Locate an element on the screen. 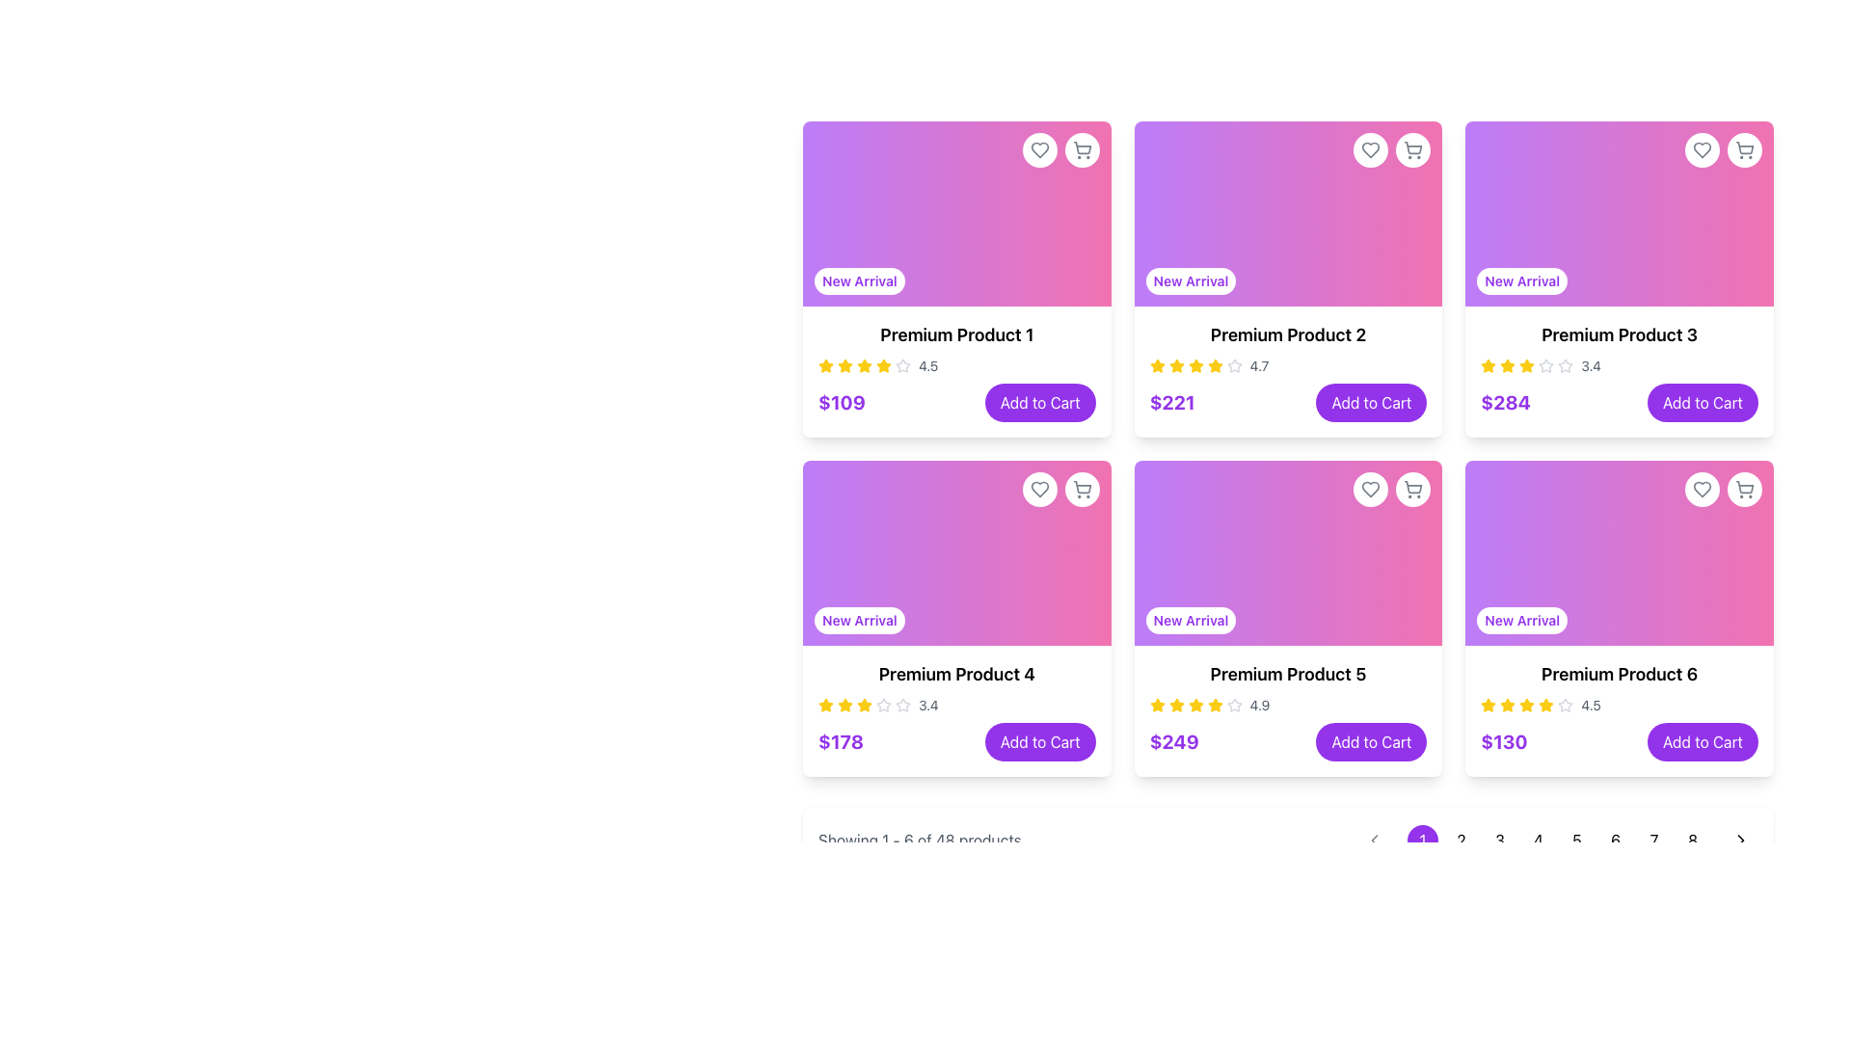 Image resolution: width=1851 pixels, height=1041 pixels. the fifth star icon in the Premium Product 5 card, which visually indicates a product rating of 4.9 is located at coordinates (1194, 705).